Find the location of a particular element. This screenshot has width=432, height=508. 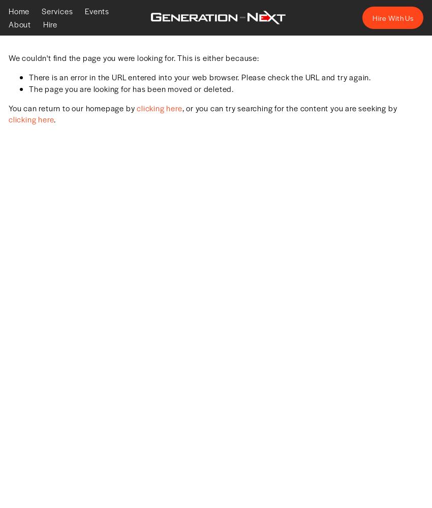

'Events' is located at coordinates (96, 10).